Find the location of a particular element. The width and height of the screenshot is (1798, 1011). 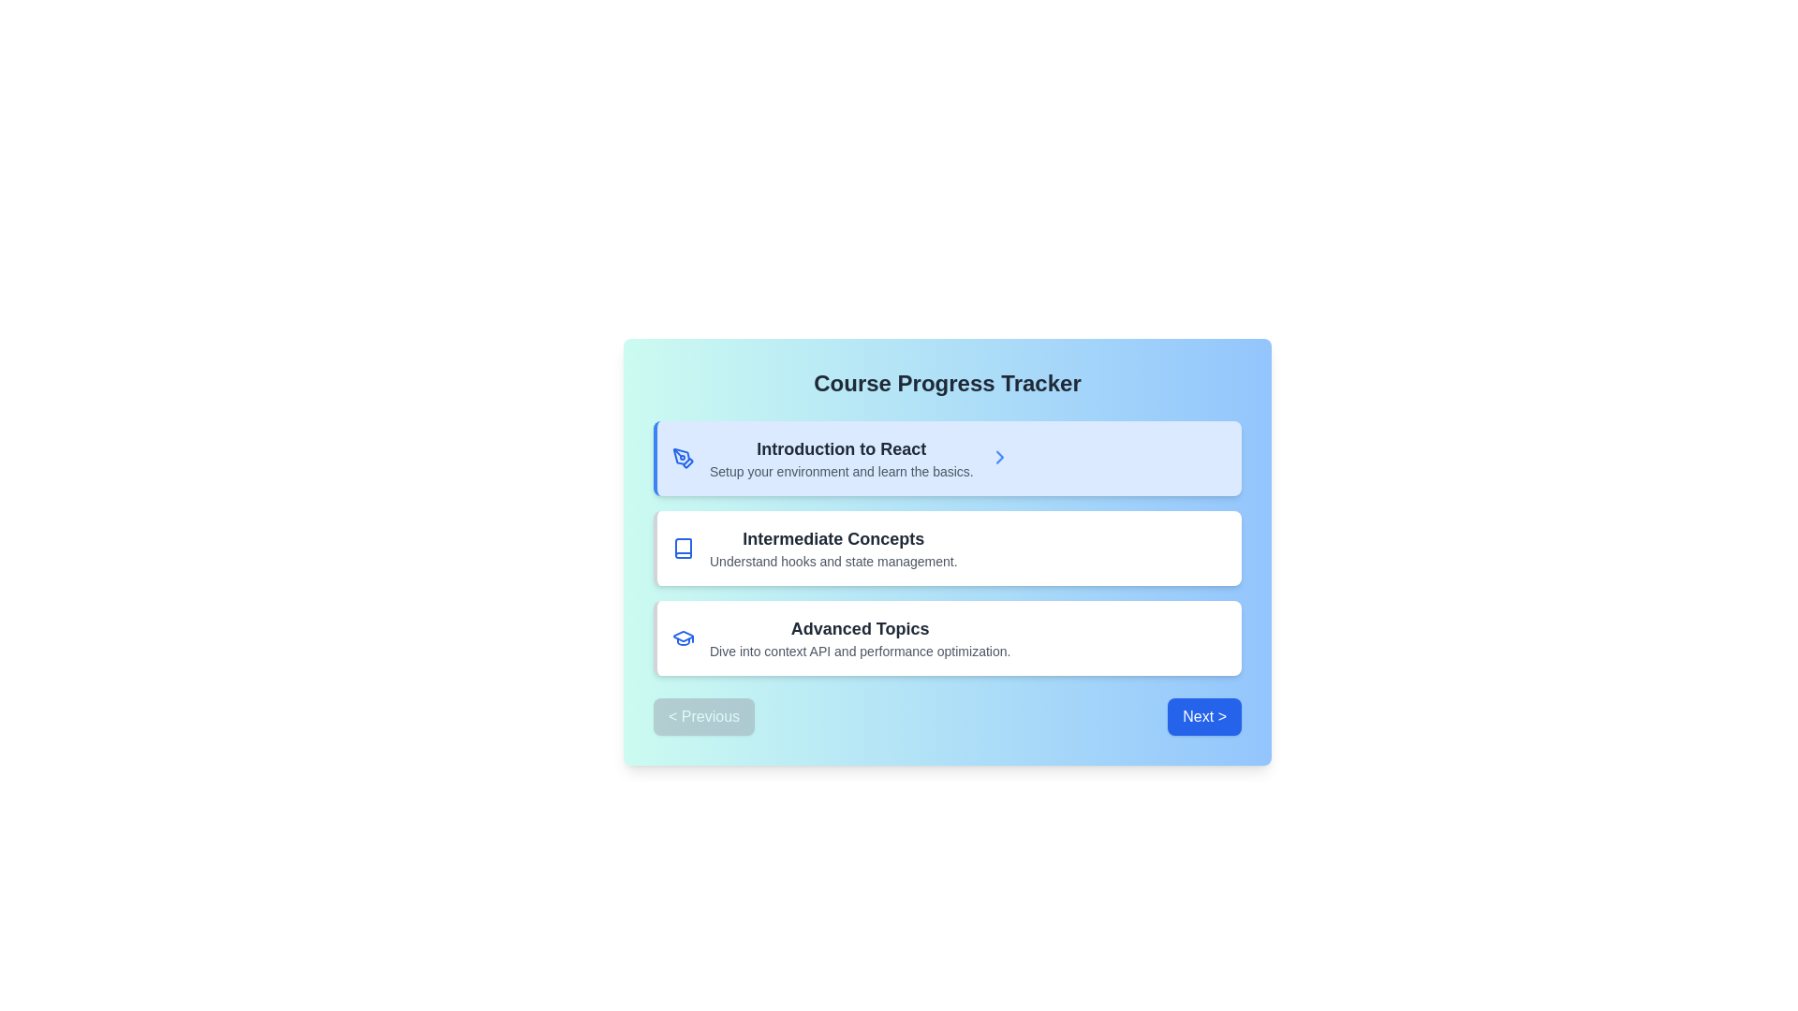

the Text Label displaying 'Introduction to React' in a bold, large-sized, dark-gray font, located within a light blue rectangular card is located at coordinates (840, 448).